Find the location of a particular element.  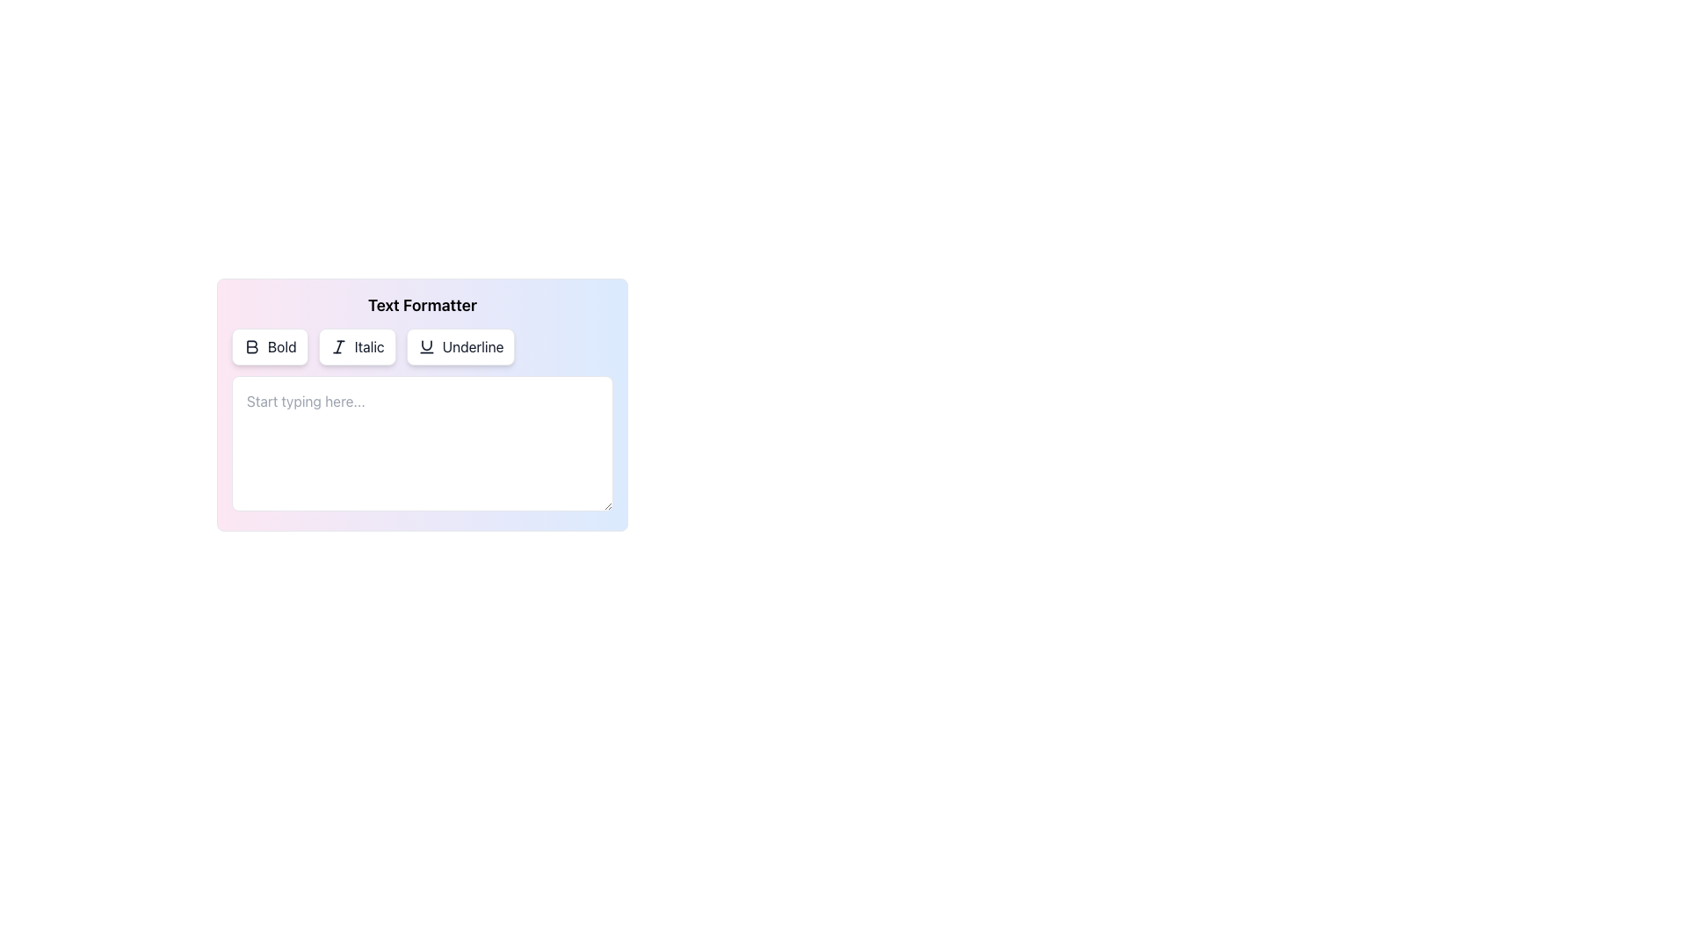

the Underline button in the text formatting button group located below the 'Text Formatter' heading to apply underline formatting is located at coordinates (422, 346).